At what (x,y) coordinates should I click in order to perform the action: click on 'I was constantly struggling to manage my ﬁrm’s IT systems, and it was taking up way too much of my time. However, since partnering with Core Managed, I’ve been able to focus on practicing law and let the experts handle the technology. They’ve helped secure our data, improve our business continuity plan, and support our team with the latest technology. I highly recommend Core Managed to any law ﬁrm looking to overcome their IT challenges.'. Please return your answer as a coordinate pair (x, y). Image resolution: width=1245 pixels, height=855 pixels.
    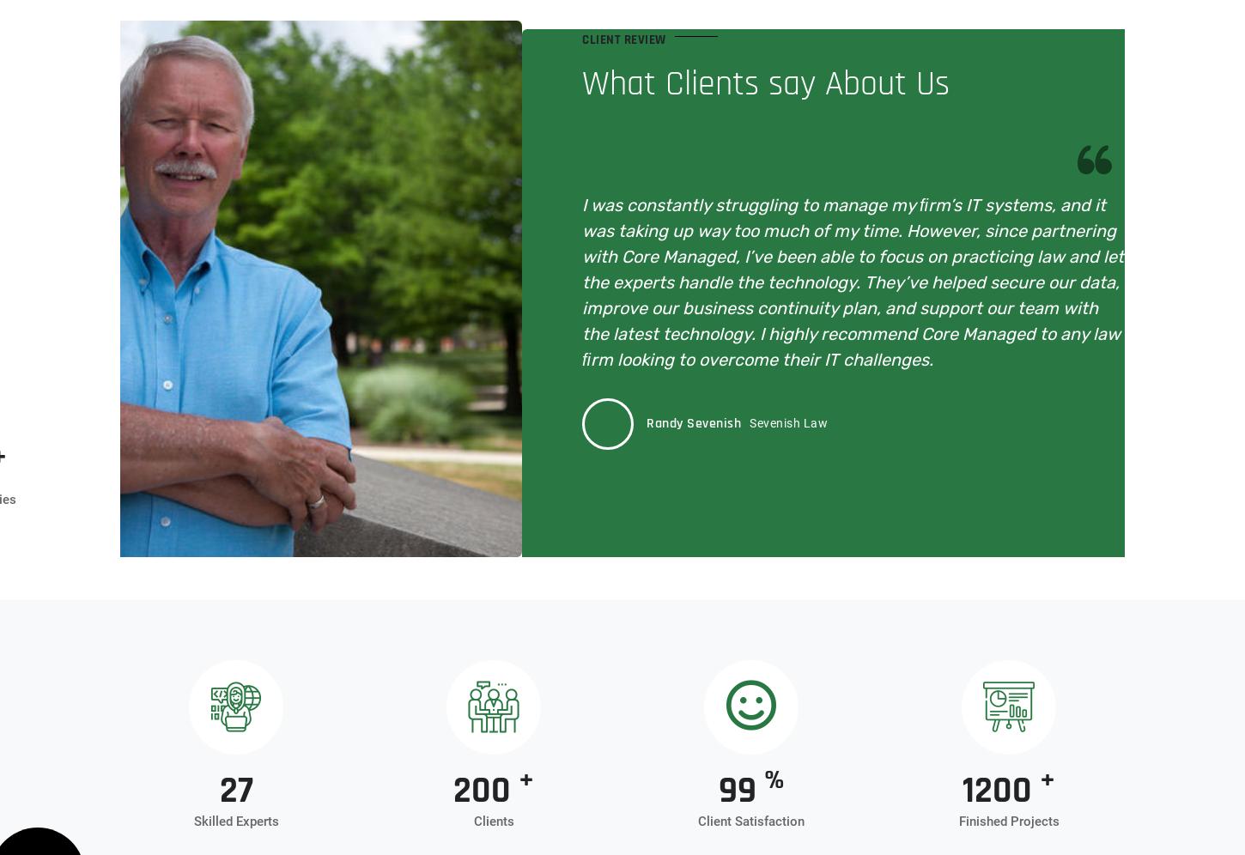
    Looking at the image, I should click on (581, 280).